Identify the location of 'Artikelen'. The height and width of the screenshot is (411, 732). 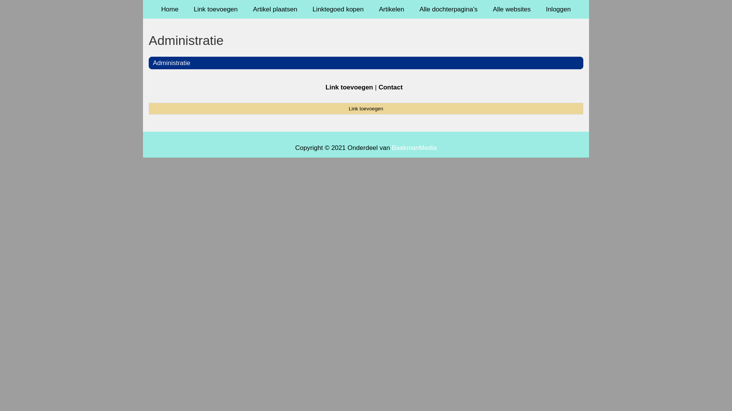
(392, 9).